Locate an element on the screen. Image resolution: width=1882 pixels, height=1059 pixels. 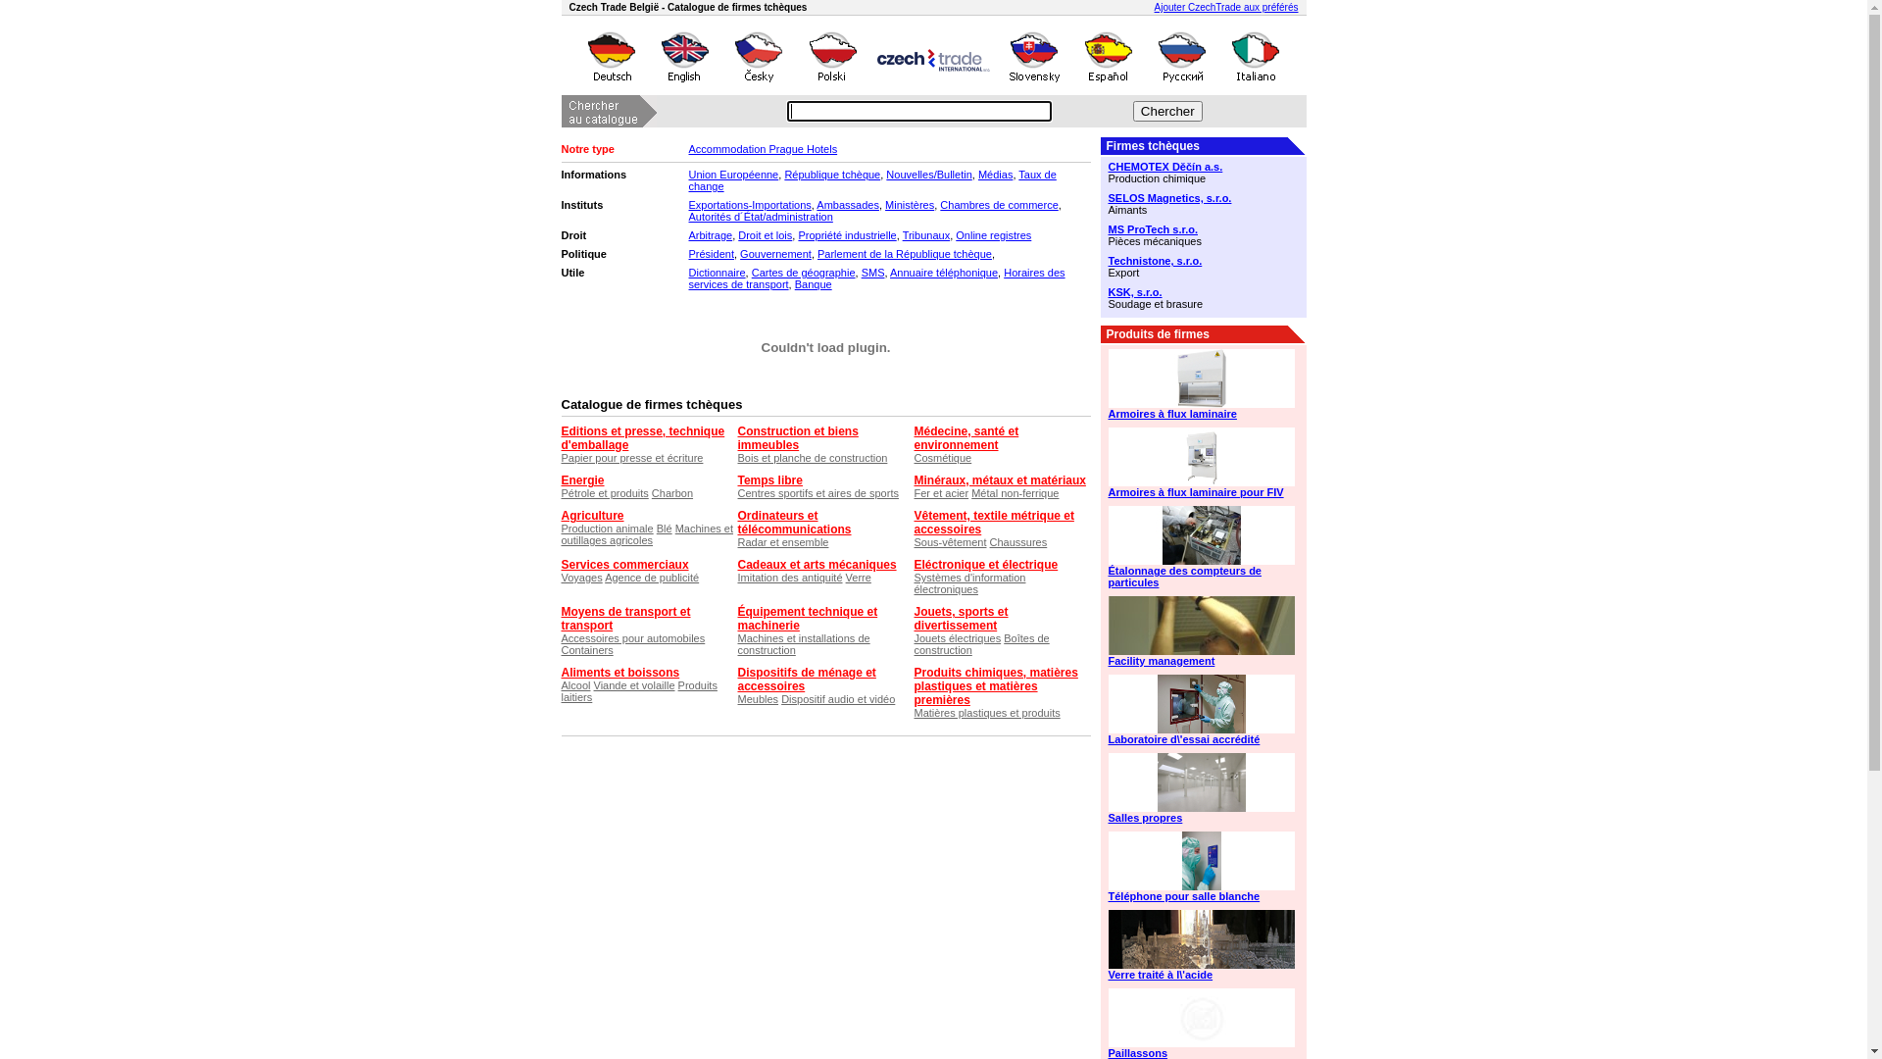
'Chercher' is located at coordinates (1133, 111).